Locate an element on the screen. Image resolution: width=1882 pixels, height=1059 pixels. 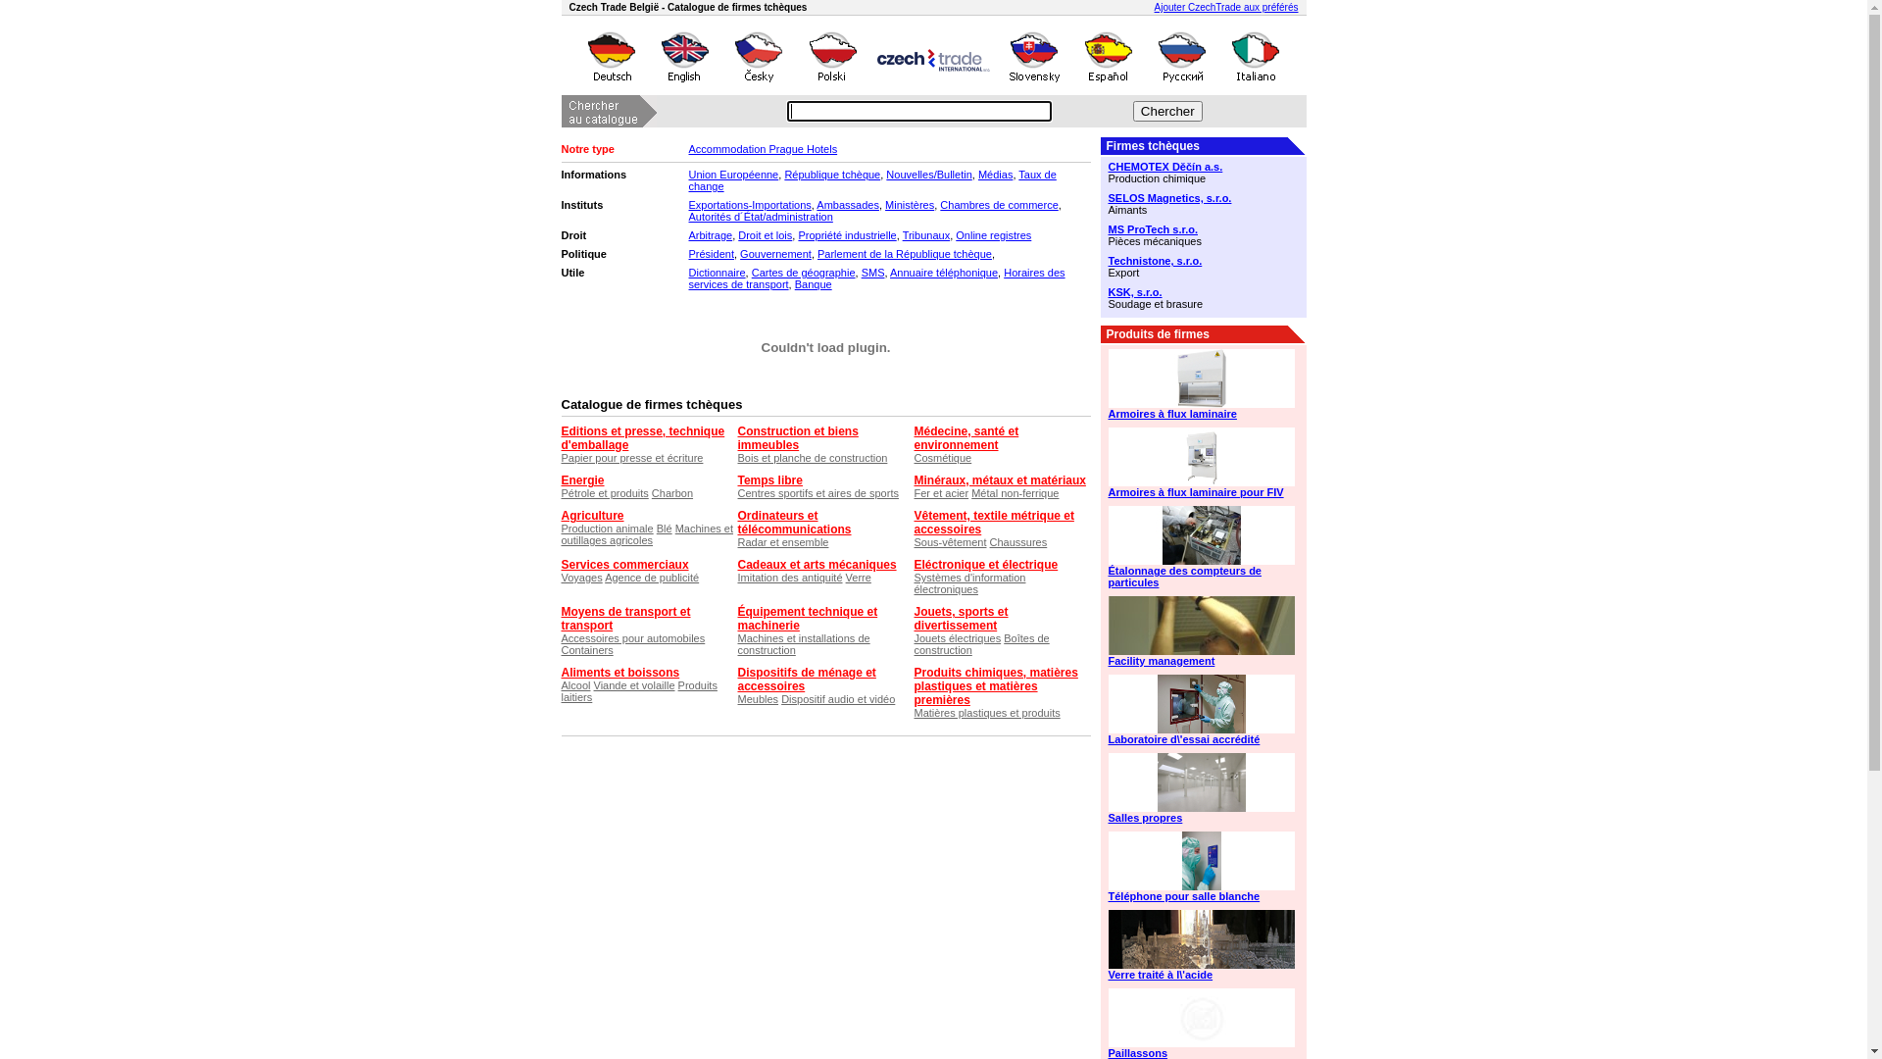
'Chercher' is located at coordinates (1133, 111).